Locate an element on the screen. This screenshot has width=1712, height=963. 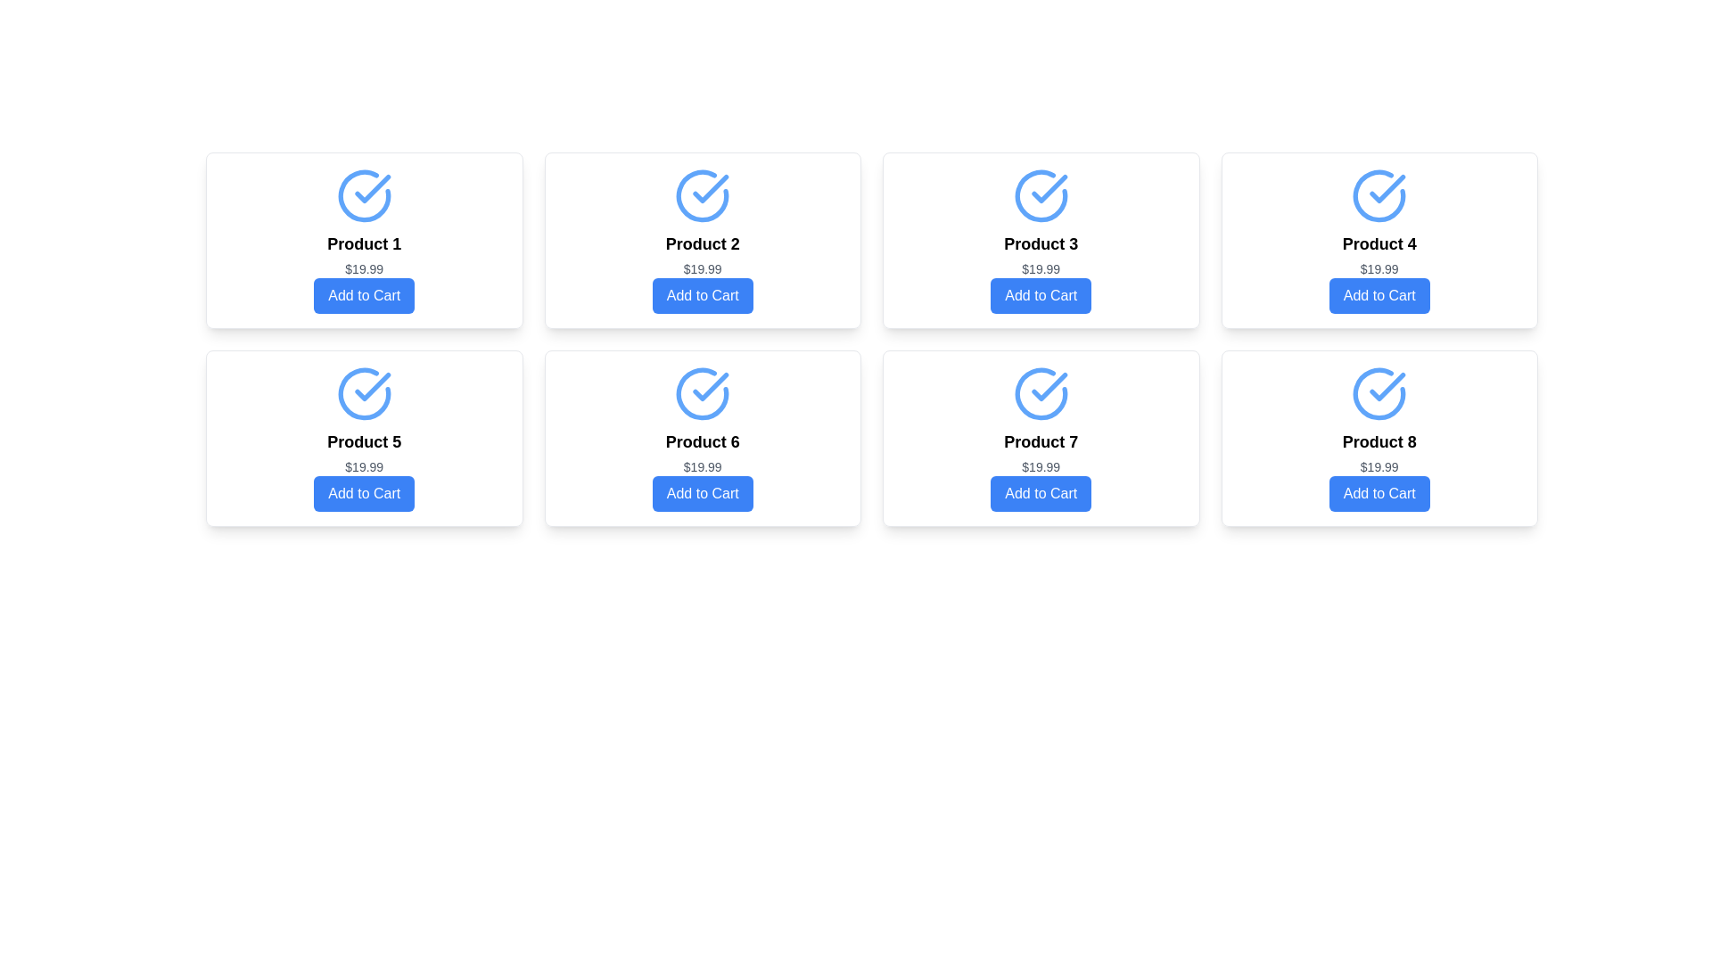
circular check icon with a blue outline and checkmark at the top of the 'Product 4' card is located at coordinates (1379, 195).